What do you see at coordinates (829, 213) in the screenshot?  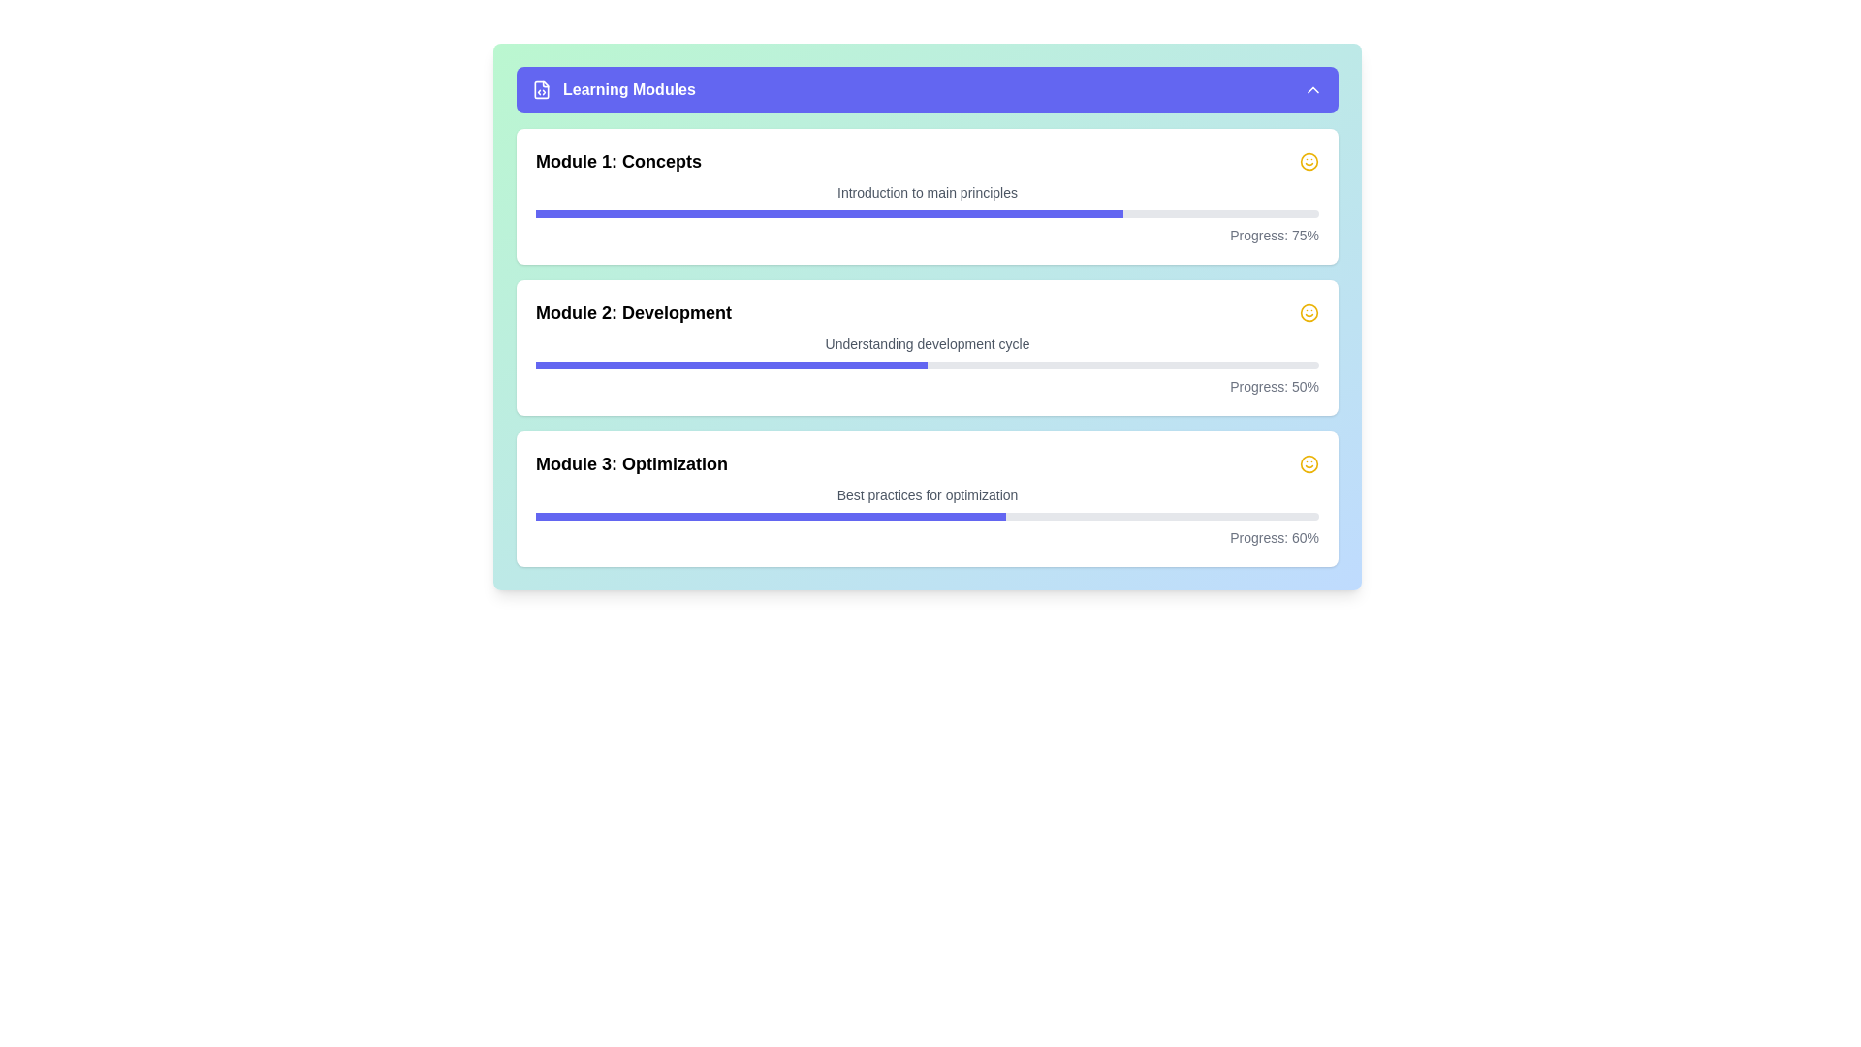 I see `the Progress bar fill indicating 75% completion for Module 1 under the heading 'Module 1: Concepts'` at bounding box center [829, 213].